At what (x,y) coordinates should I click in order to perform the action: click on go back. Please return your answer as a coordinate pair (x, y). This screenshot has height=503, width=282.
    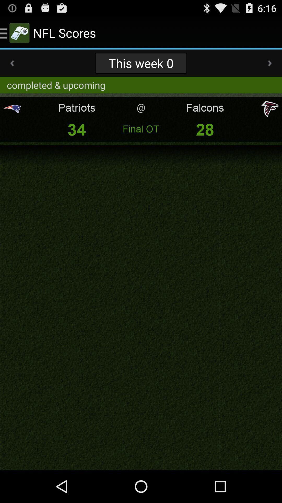
    Looking at the image, I should click on (12, 63).